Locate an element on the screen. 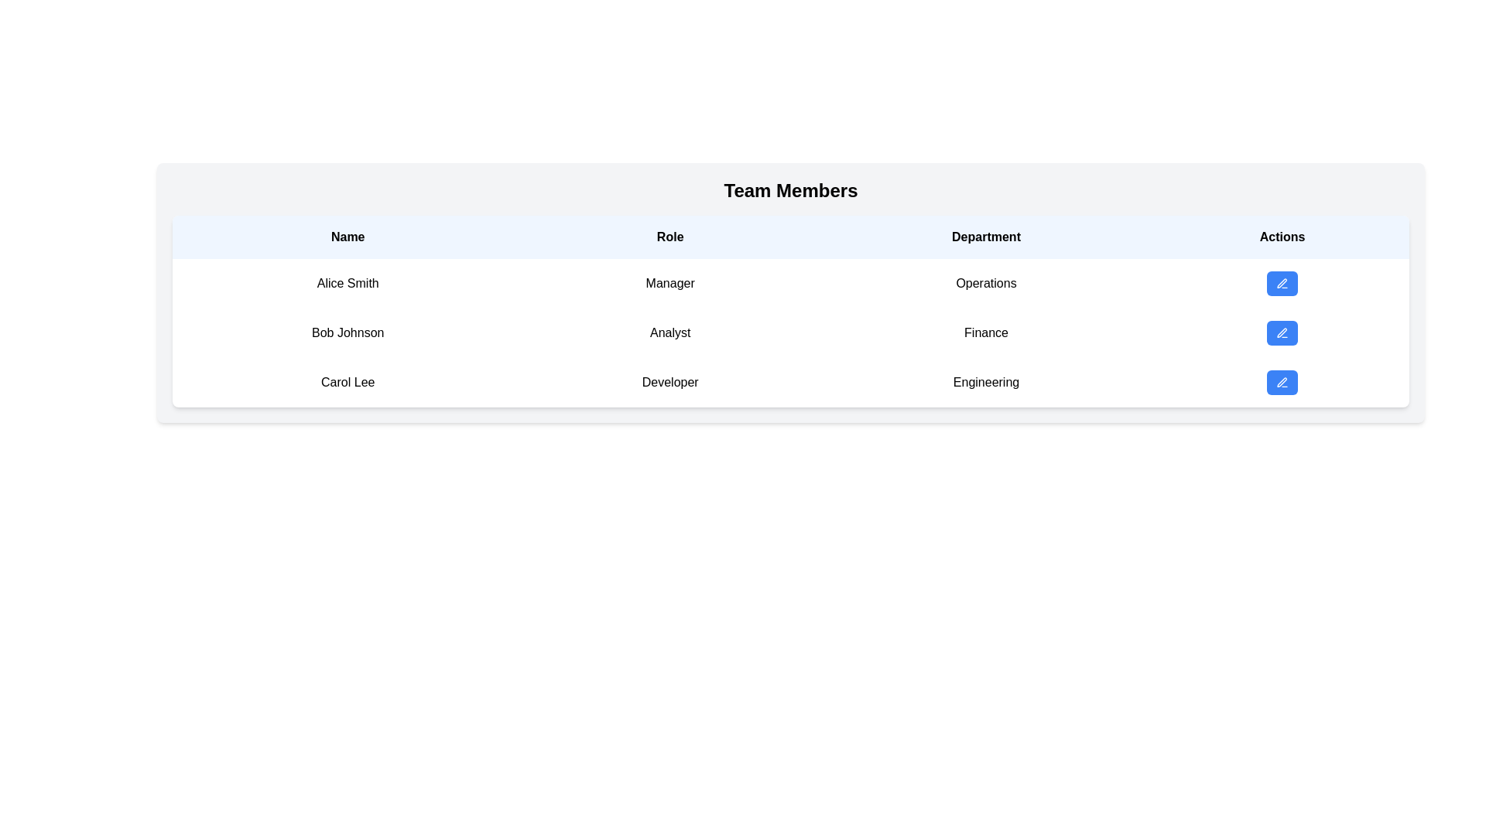 The image size is (1486, 835). the third edit button in the 'Actions' column of the table for 'Carol Lee' is located at coordinates (1282, 382).